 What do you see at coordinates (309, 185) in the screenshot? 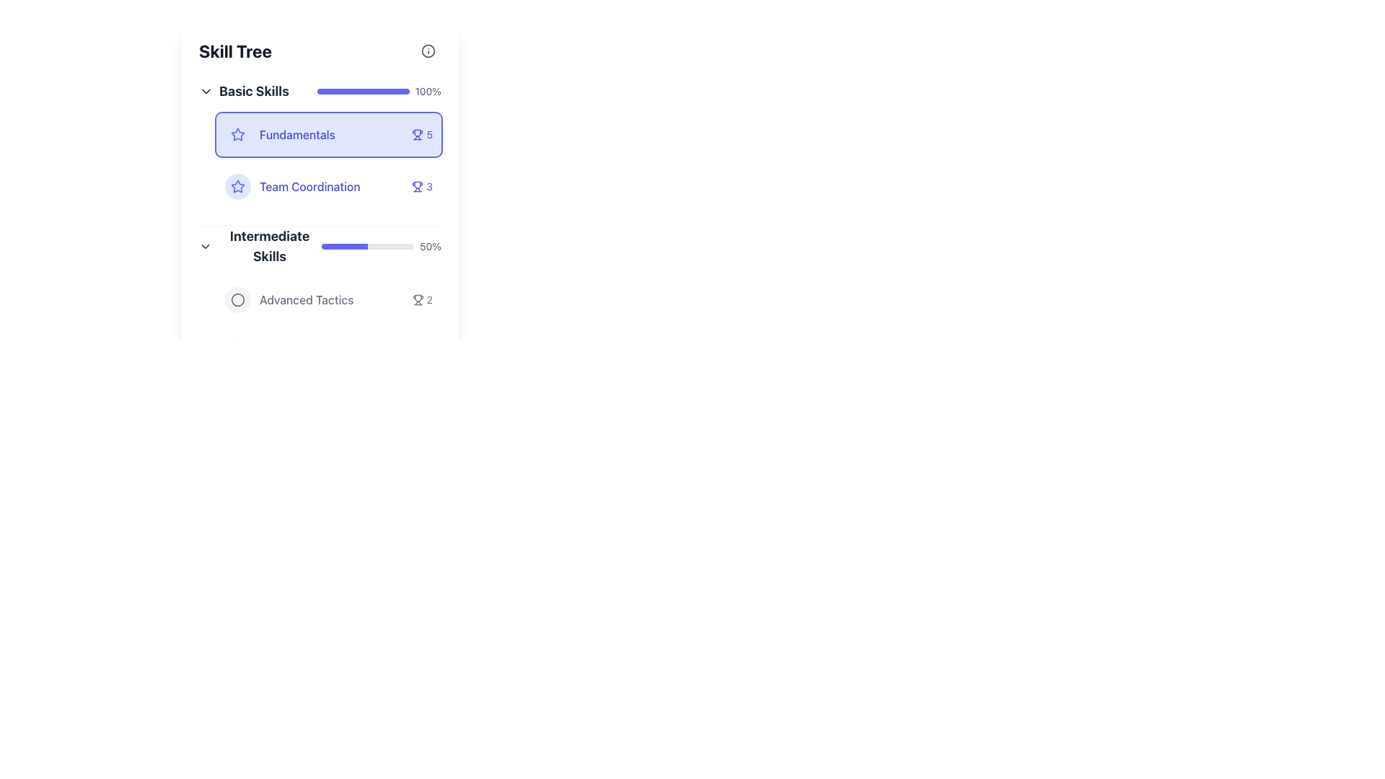
I see `the 'Team Coordination' text label, which is styled in medium-bold purple font and is positioned in the second item of the 'Basic Skills' section list, between a star icon and a numerical indicator` at bounding box center [309, 185].